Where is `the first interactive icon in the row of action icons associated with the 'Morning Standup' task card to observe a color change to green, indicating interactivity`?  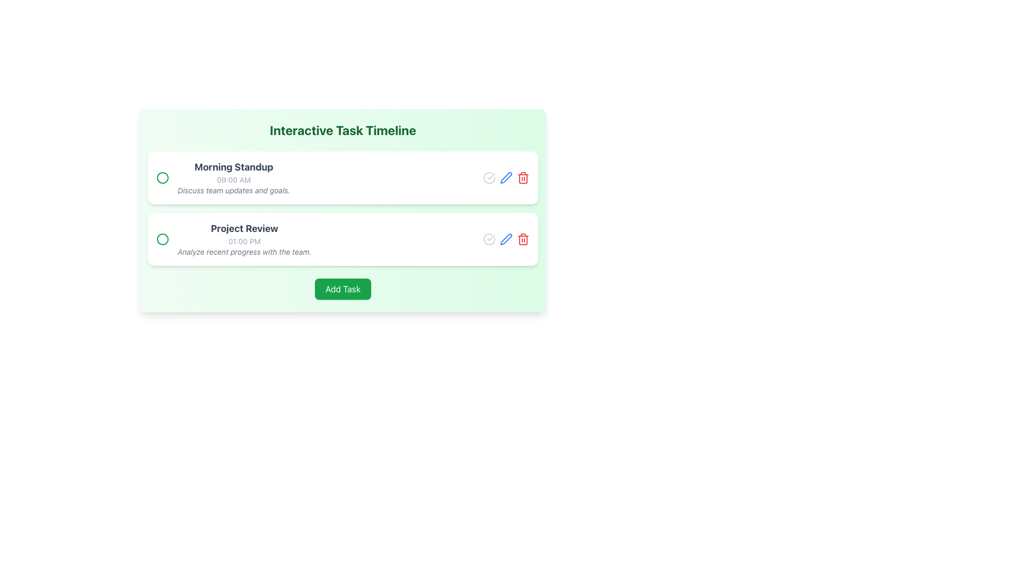
the first interactive icon in the row of action icons associated with the 'Morning Standup' task card to observe a color change to green, indicating interactivity is located at coordinates (488, 177).